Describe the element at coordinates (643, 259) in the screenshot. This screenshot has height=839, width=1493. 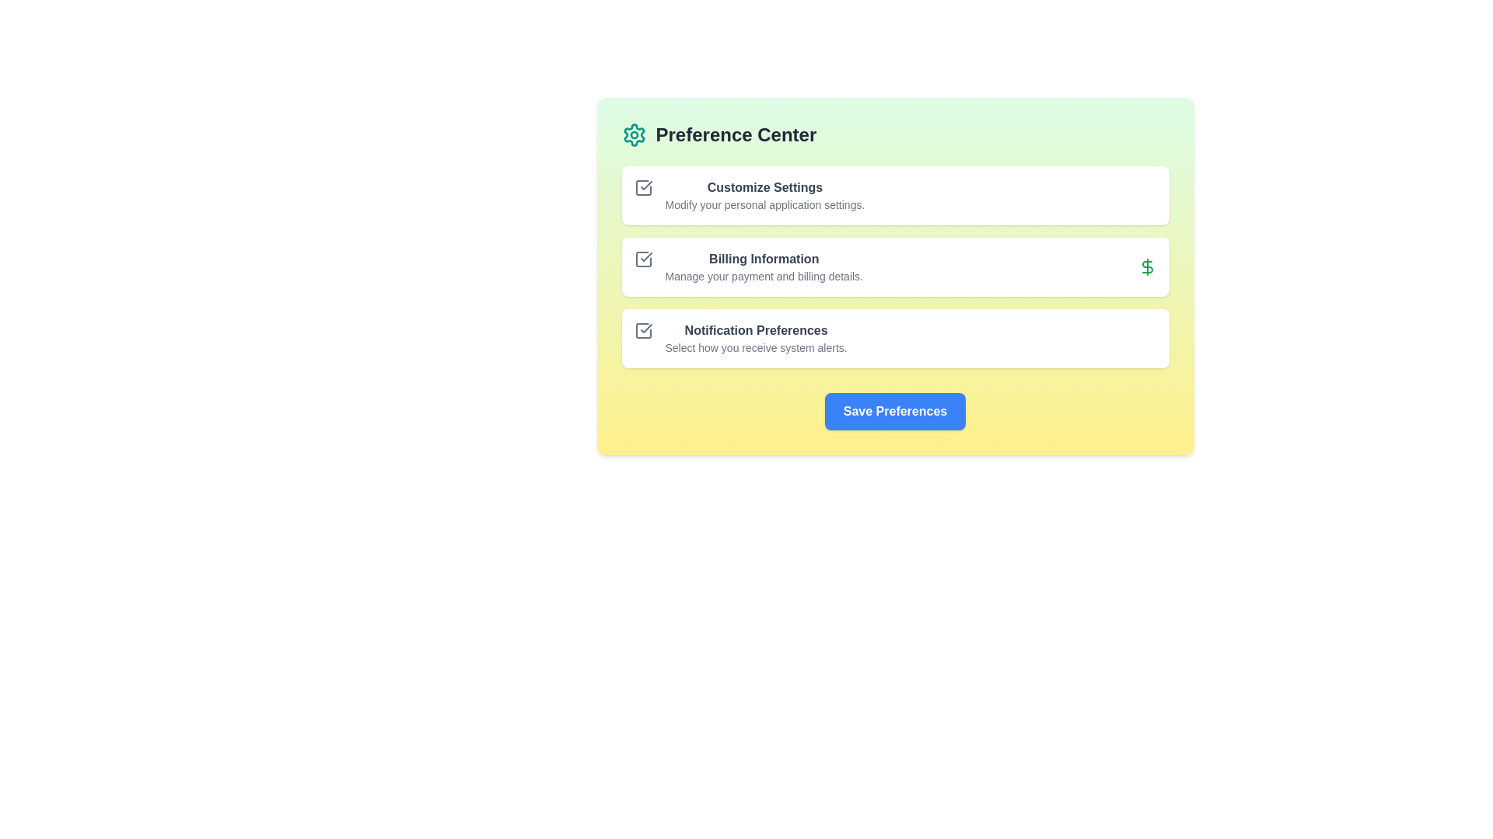
I see `the square-shaped checkmark icon with a minimalist outline design located to the left of the 'Billing Information' text in the Preference Center interface` at that location.